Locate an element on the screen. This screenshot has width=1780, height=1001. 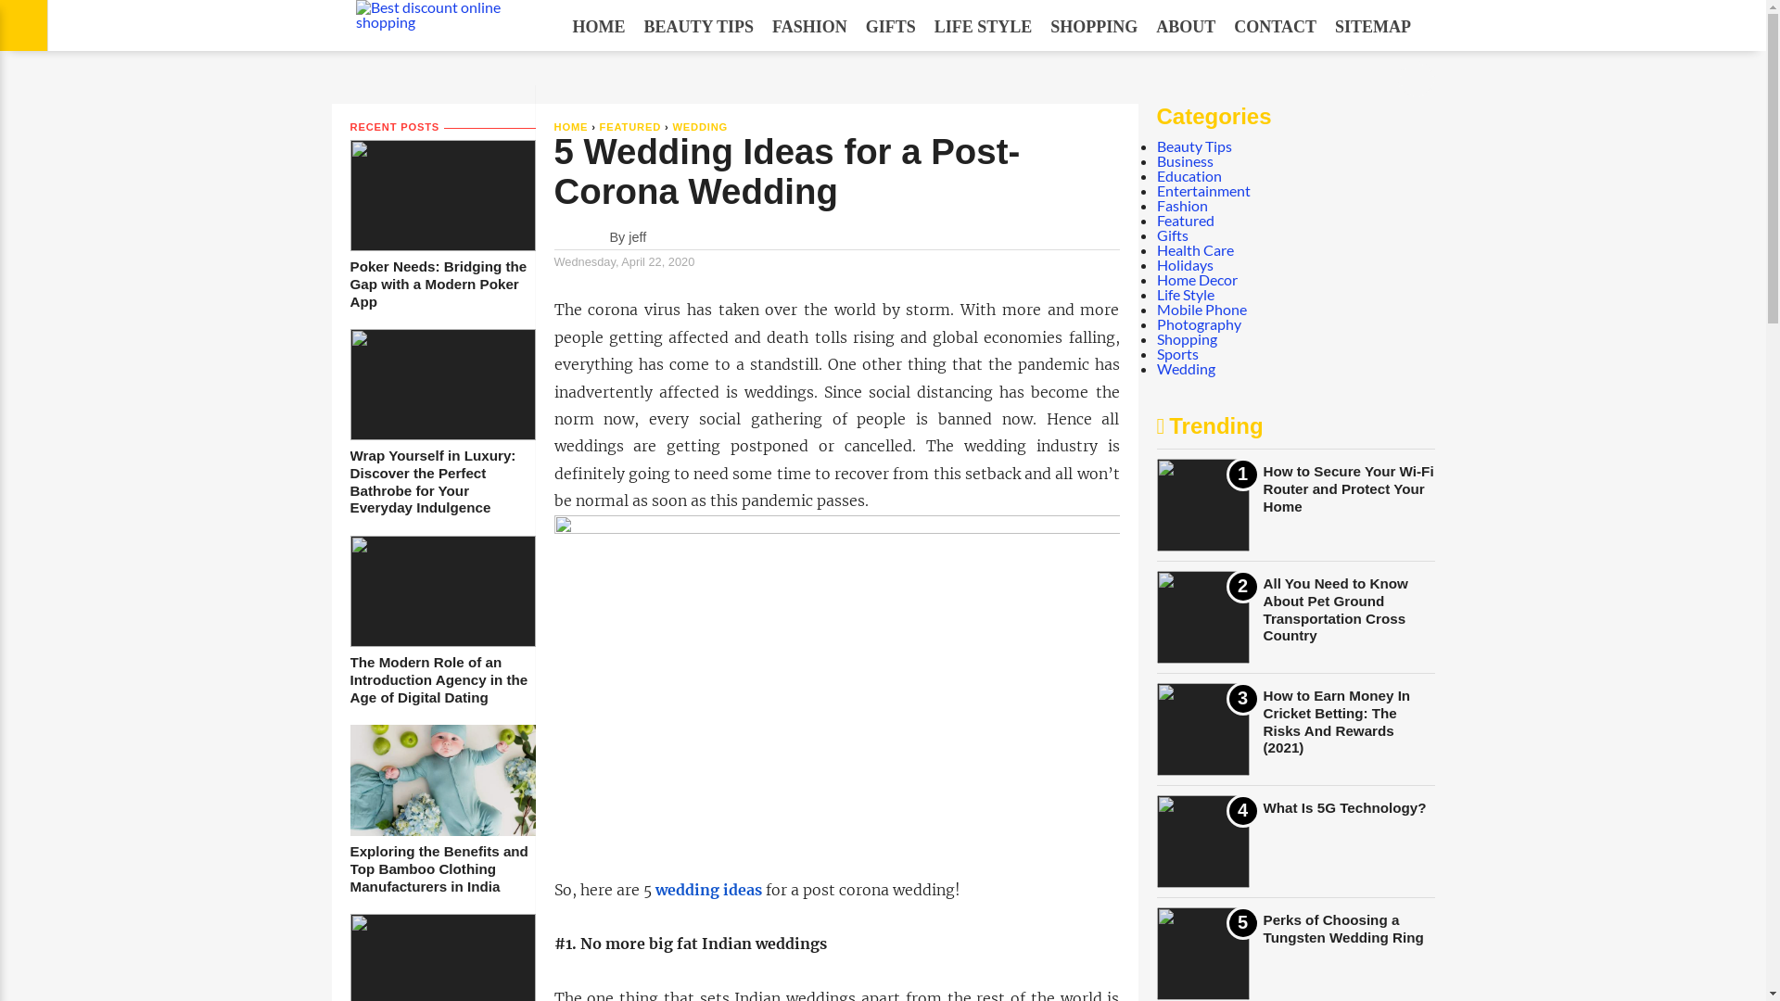
'Entertainment' is located at coordinates (1203, 190).